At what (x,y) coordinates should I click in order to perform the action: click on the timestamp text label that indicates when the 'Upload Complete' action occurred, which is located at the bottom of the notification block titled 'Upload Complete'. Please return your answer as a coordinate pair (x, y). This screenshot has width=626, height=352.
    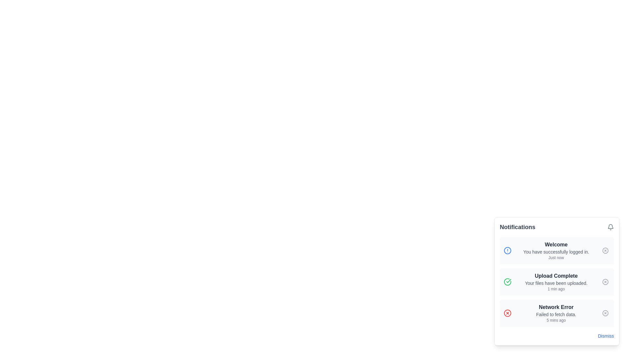
    Looking at the image, I should click on (556, 289).